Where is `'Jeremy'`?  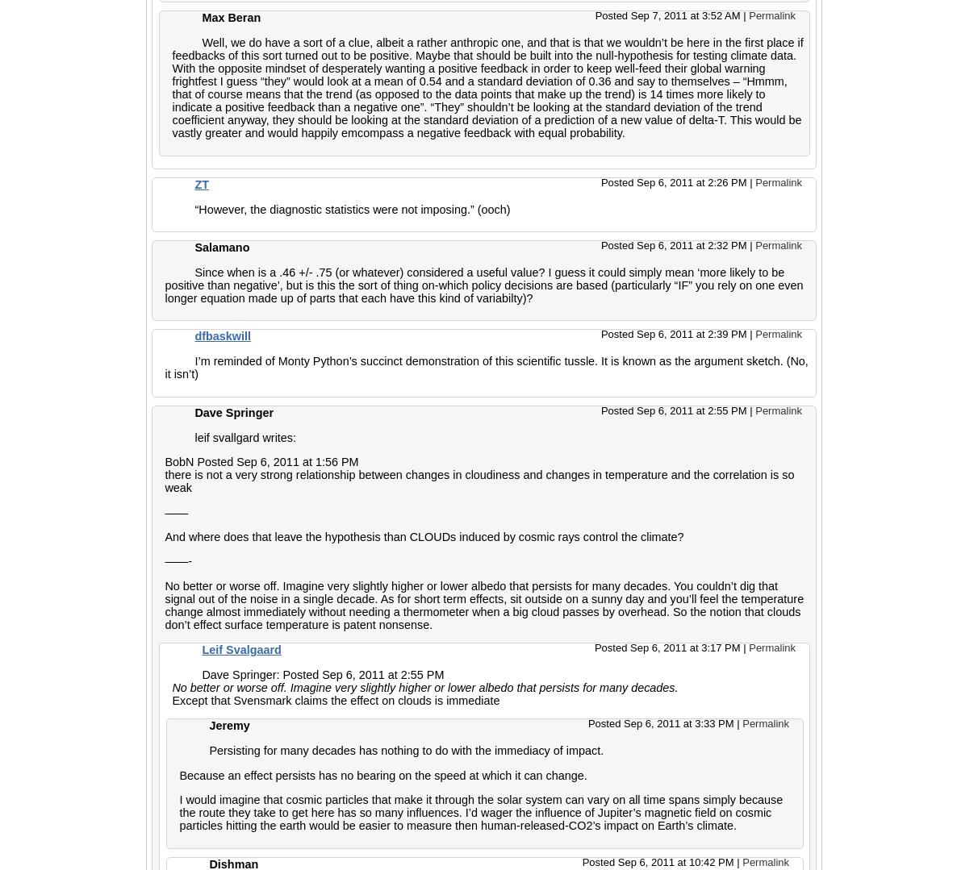 'Jeremy' is located at coordinates (228, 724).